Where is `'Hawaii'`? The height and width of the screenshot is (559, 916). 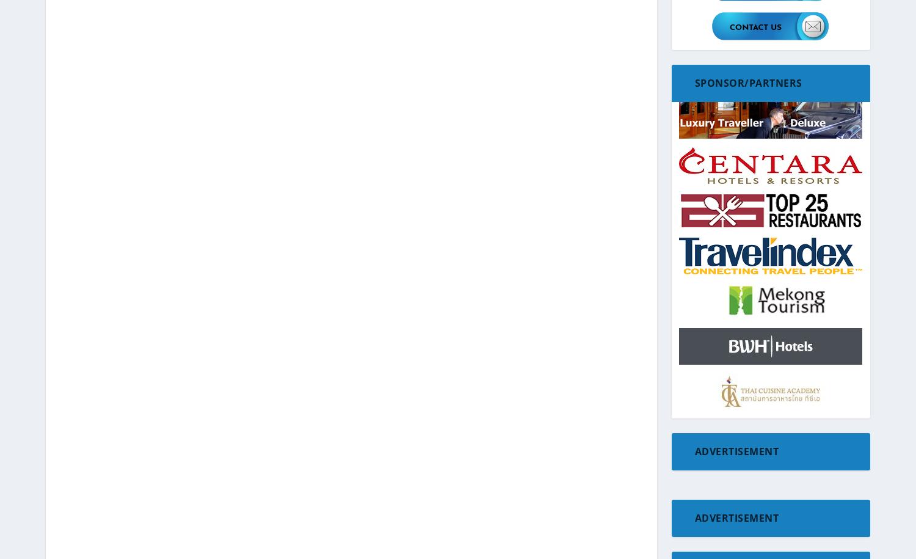 'Hawaii' is located at coordinates (693, 429).